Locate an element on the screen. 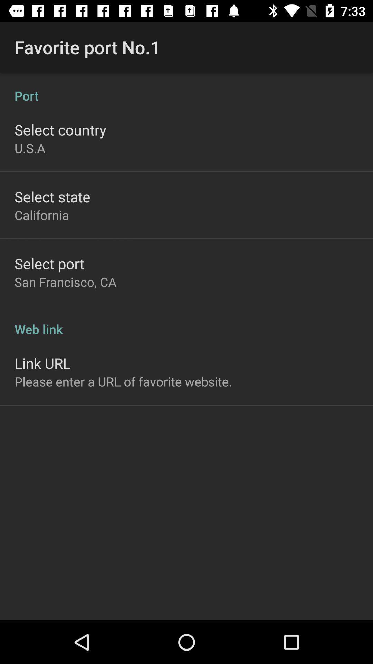 The width and height of the screenshot is (373, 664). the item above link url item is located at coordinates (186, 321).